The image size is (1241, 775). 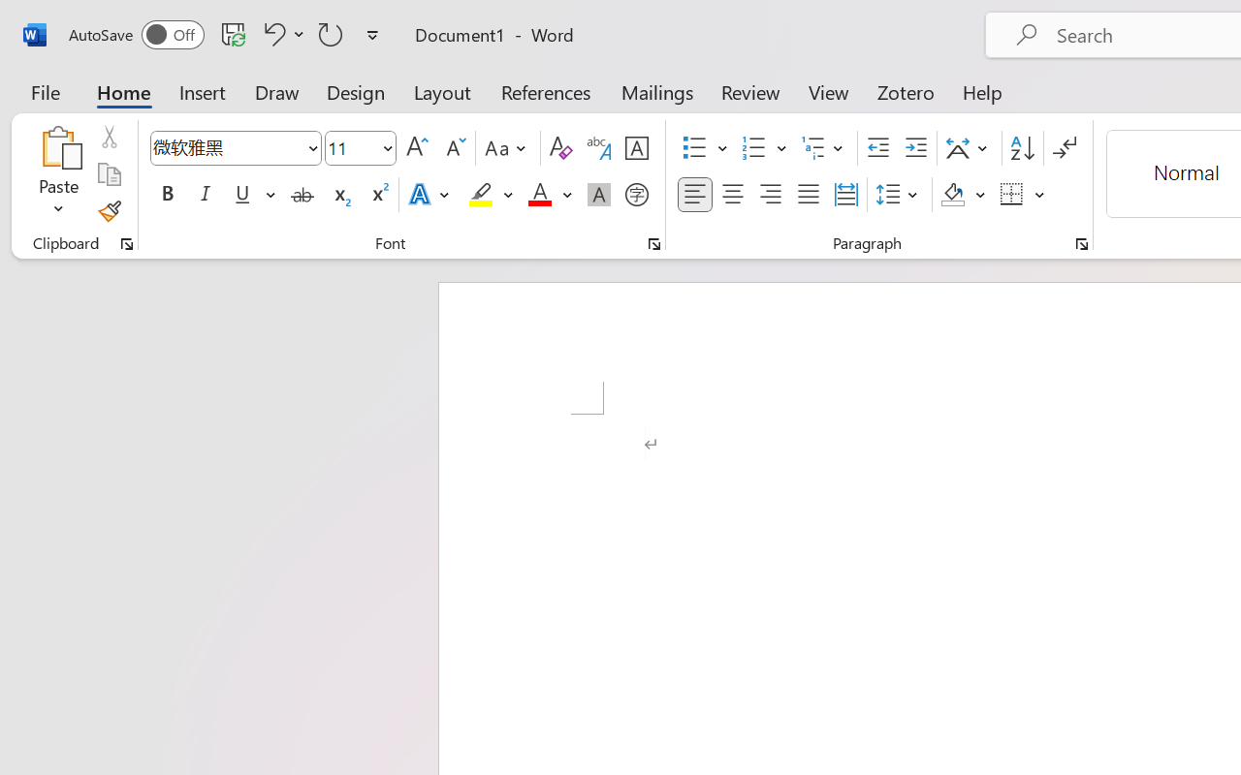 What do you see at coordinates (280, 33) in the screenshot?
I see `'Undo <ApplyStyleToDoc>b__0'` at bounding box center [280, 33].